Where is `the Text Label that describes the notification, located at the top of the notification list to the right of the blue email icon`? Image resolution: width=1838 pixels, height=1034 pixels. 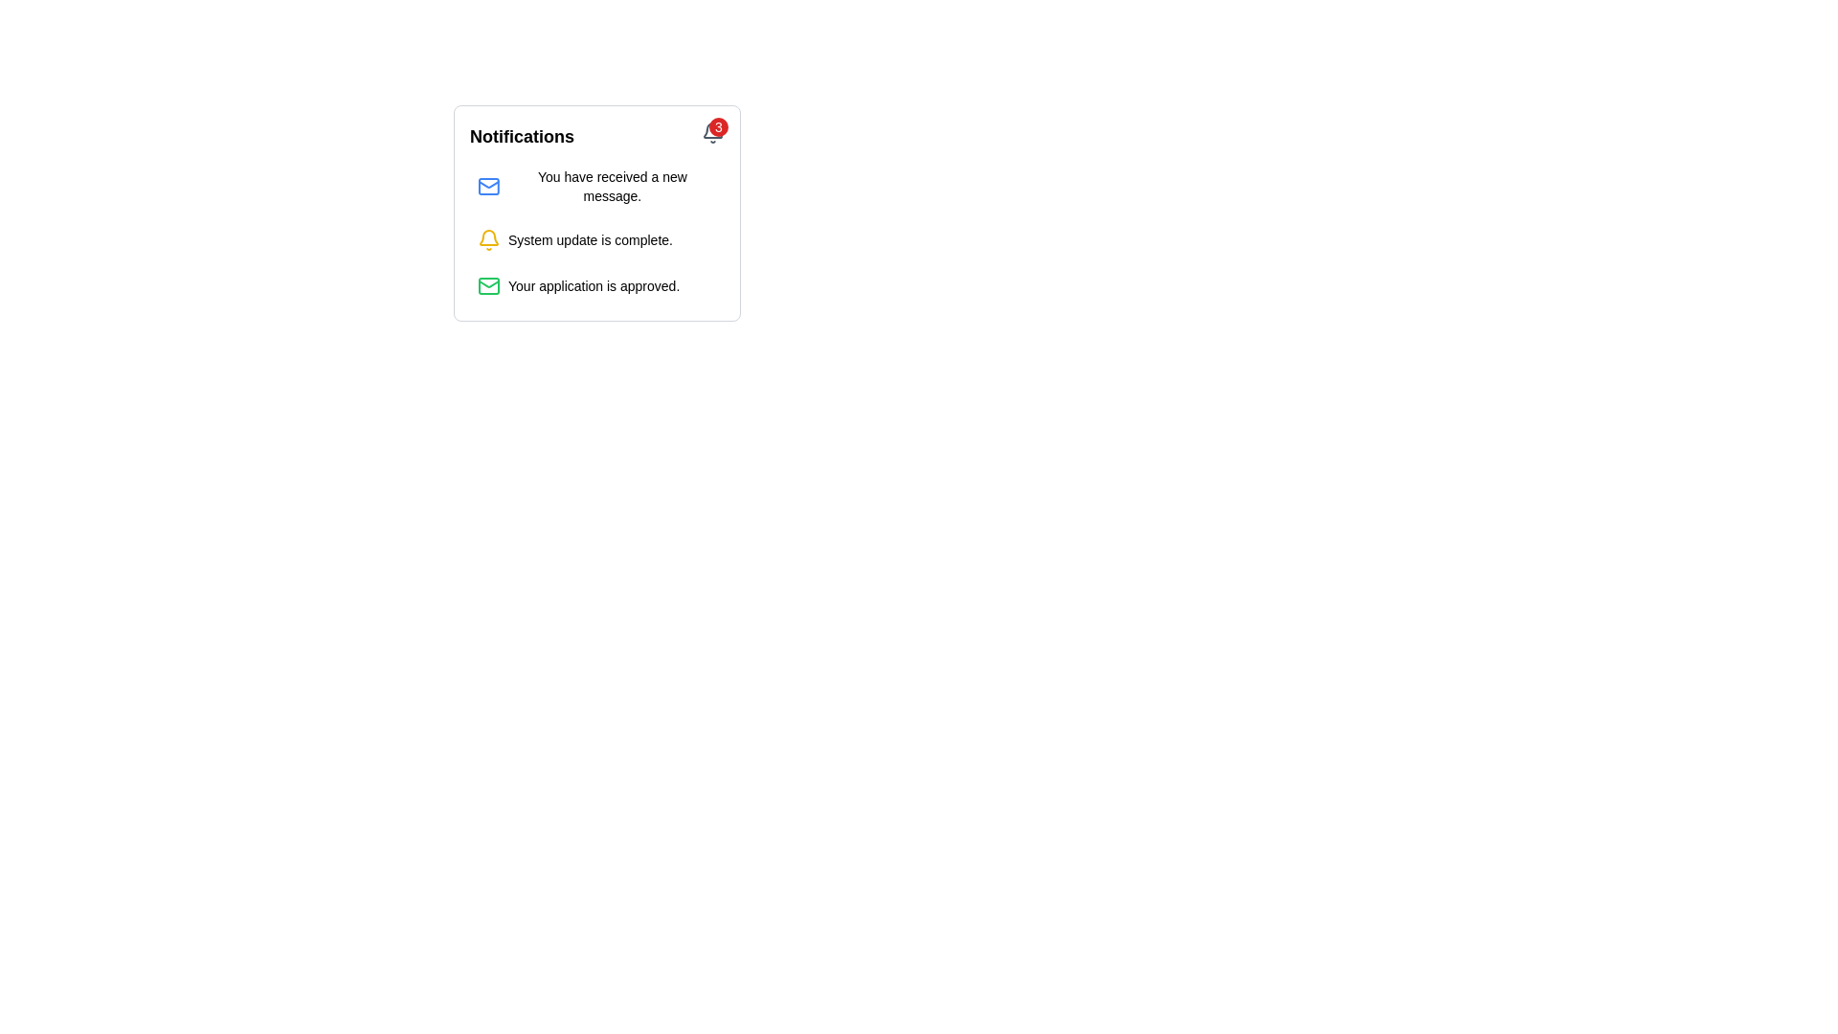 the Text Label that describes the notification, located at the top of the notification list to the right of the blue email icon is located at coordinates (611, 187).